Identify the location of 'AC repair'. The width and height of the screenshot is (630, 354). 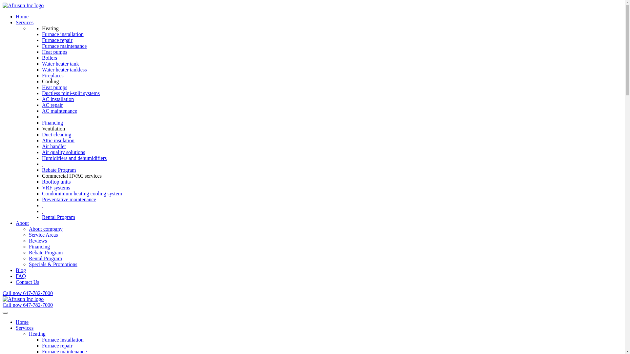
(52, 105).